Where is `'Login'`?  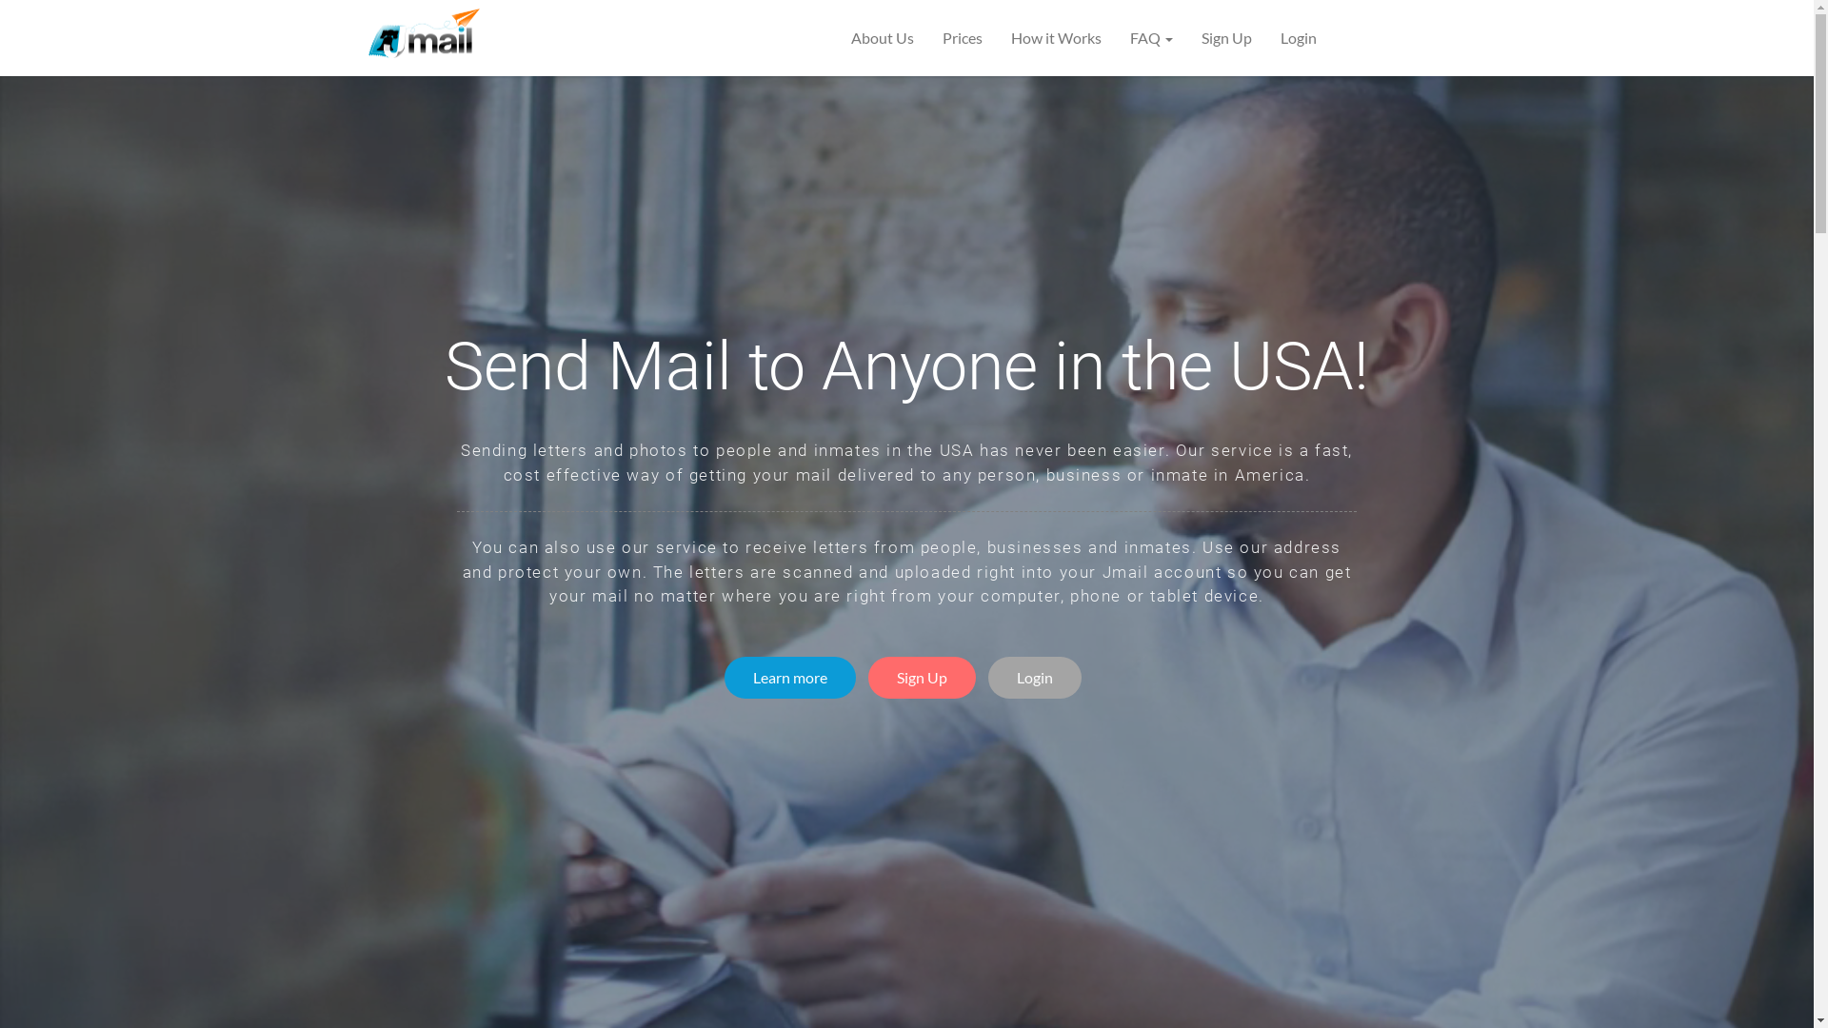
'Login' is located at coordinates (1033, 677).